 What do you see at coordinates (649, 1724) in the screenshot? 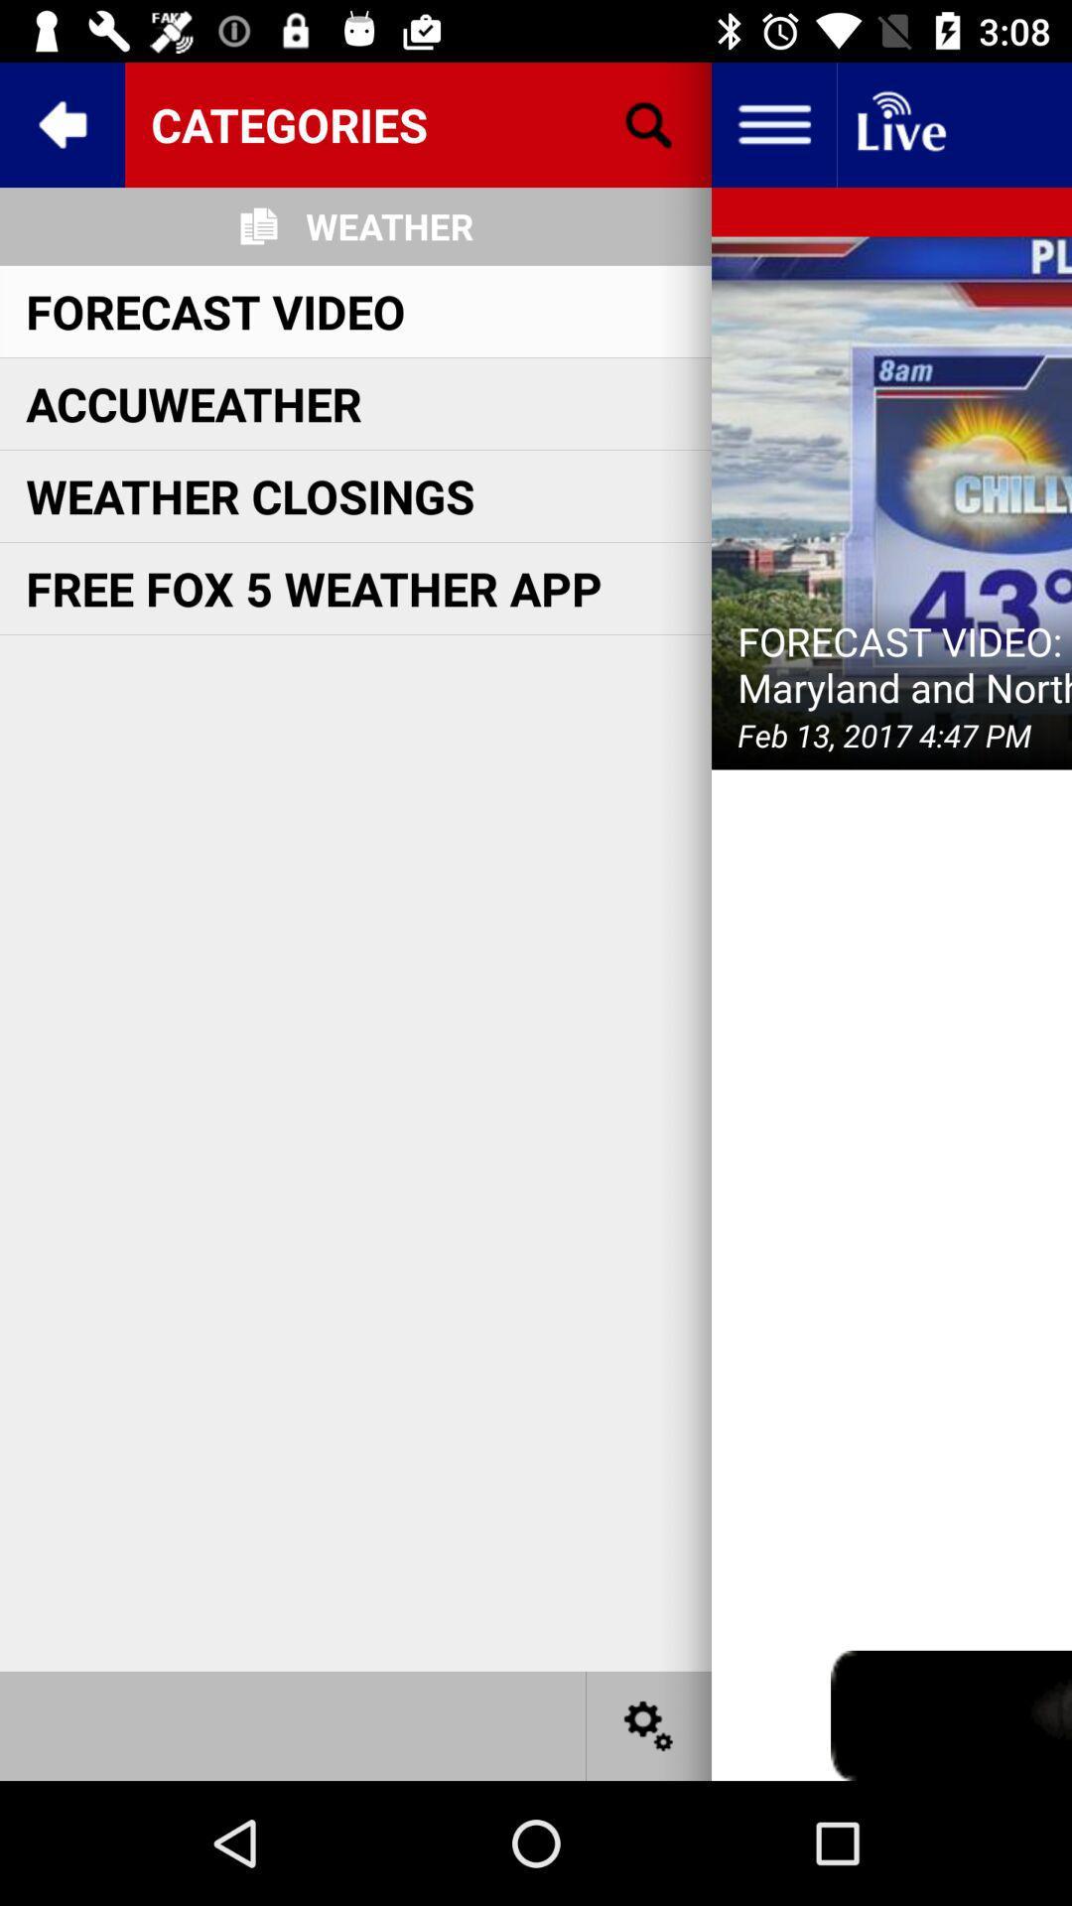
I see `settings` at bounding box center [649, 1724].